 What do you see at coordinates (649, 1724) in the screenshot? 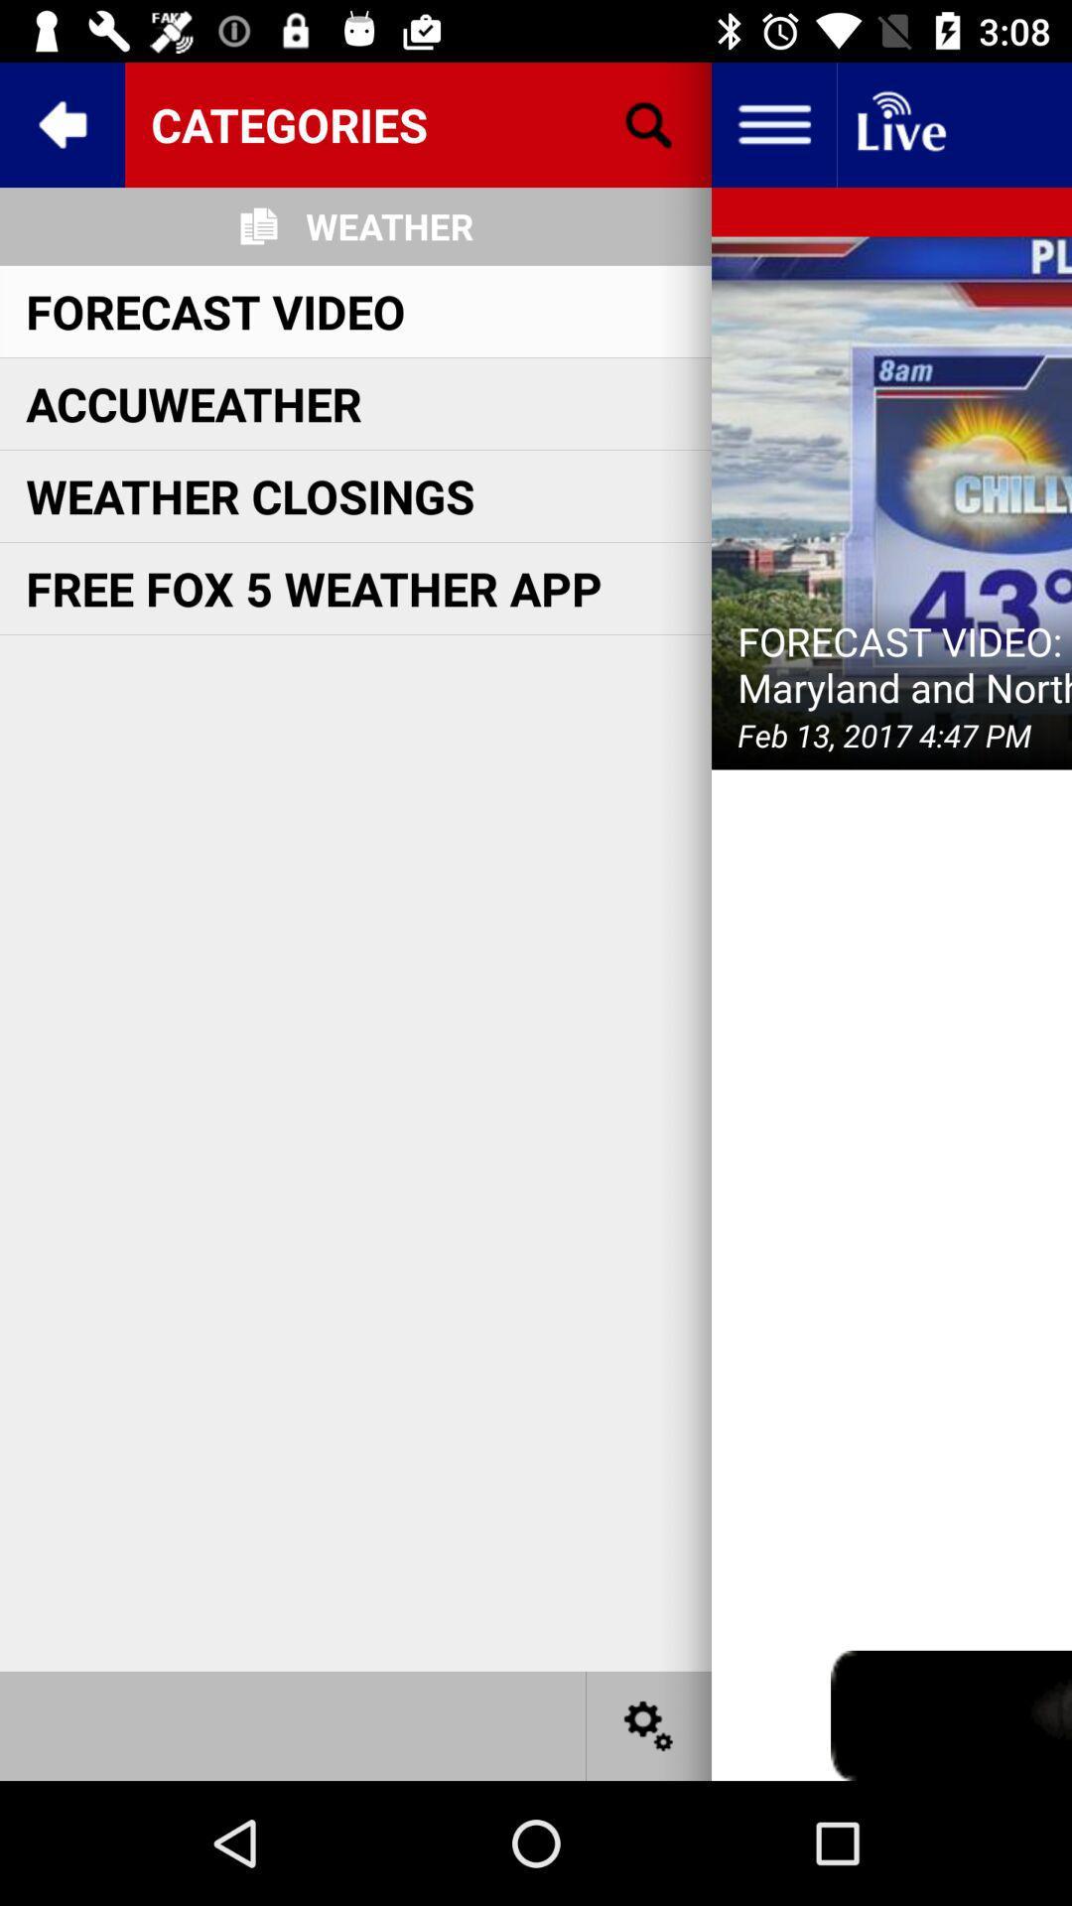
I see `settings` at bounding box center [649, 1724].